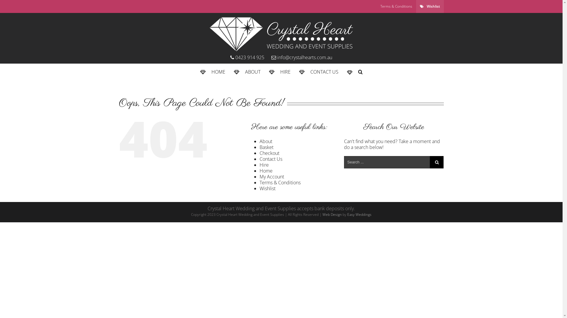  Describe the element at coordinates (279, 71) in the screenshot. I see `'HIRE'` at that location.